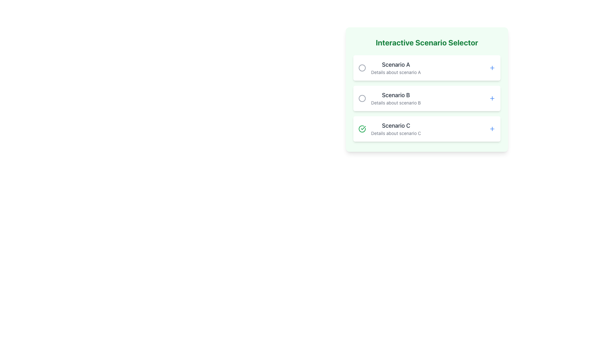 The image size is (609, 343). I want to click on the description of the selectable list item titled 'Scenario C', so click(389, 129).